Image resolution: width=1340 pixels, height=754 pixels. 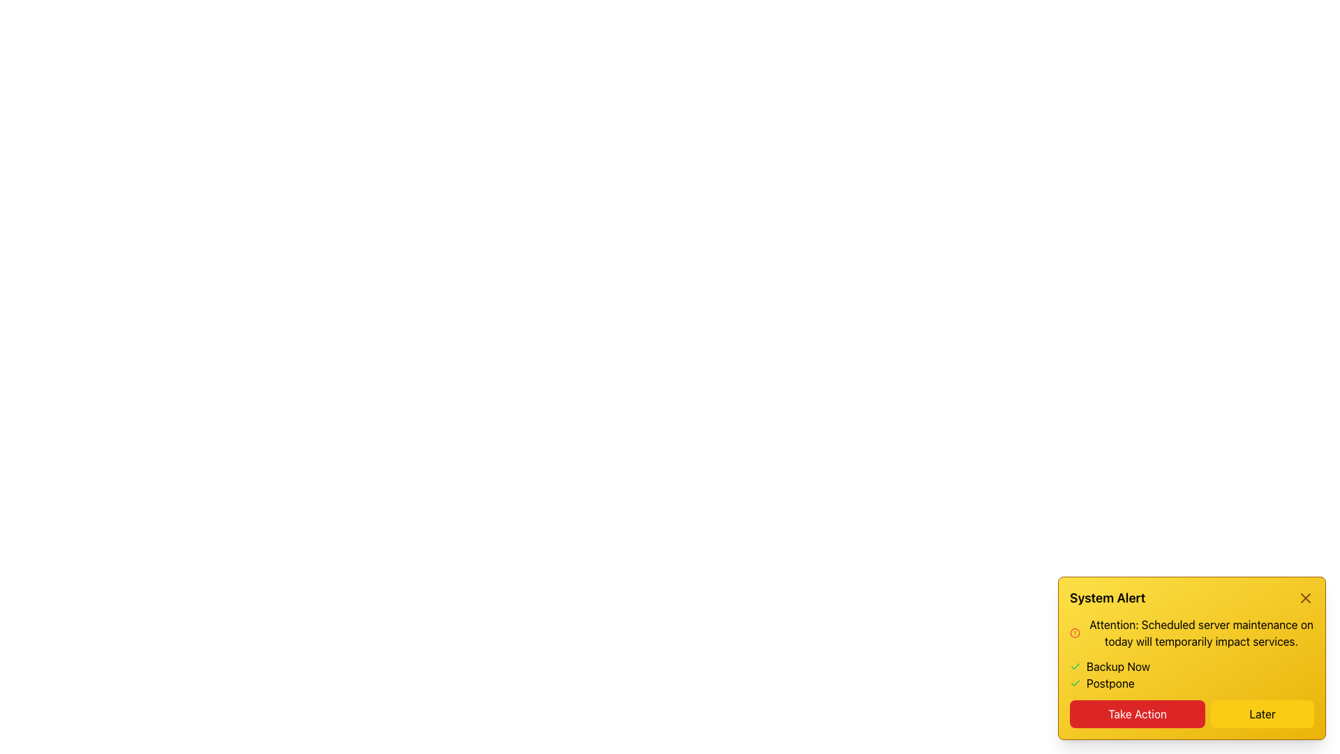 What do you see at coordinates (1305, 597) in the screenshot?
I see `the red 'X' button located in the top-right corner of the 'System Alert' notification panel` at bounding box center [1305, 597].